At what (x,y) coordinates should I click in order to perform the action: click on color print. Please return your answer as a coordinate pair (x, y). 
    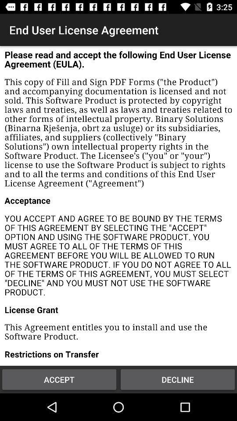
    Looking at the image, I should click on (118, 206).